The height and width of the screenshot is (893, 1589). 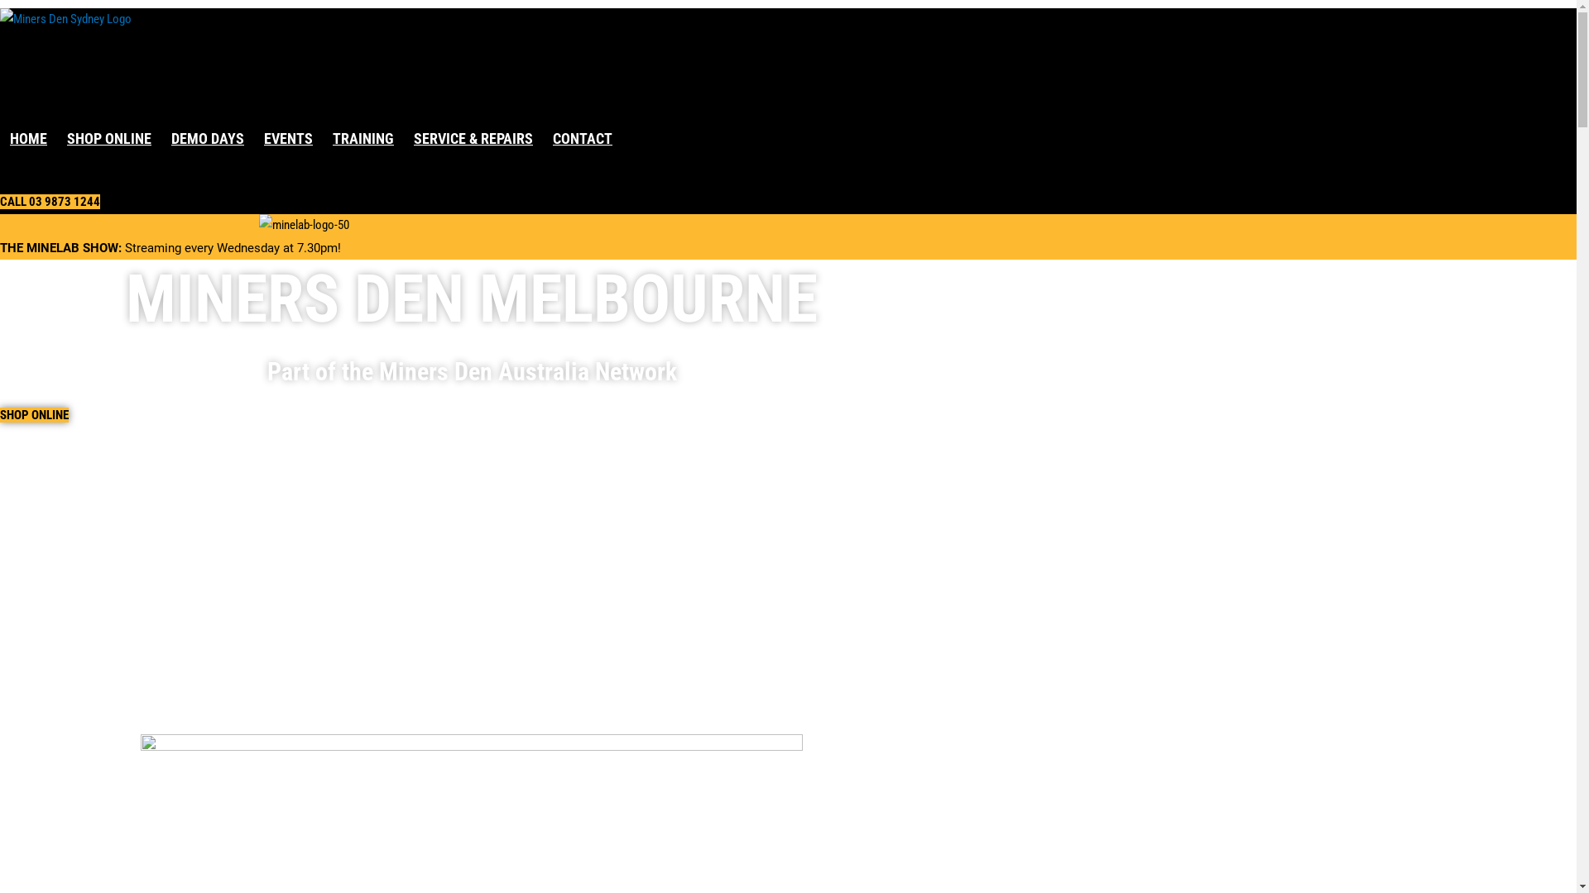 What do you see at coordinates (583, 138) in the screenshot?
I see `'CONTACT'` at bounding box center [583, 138].